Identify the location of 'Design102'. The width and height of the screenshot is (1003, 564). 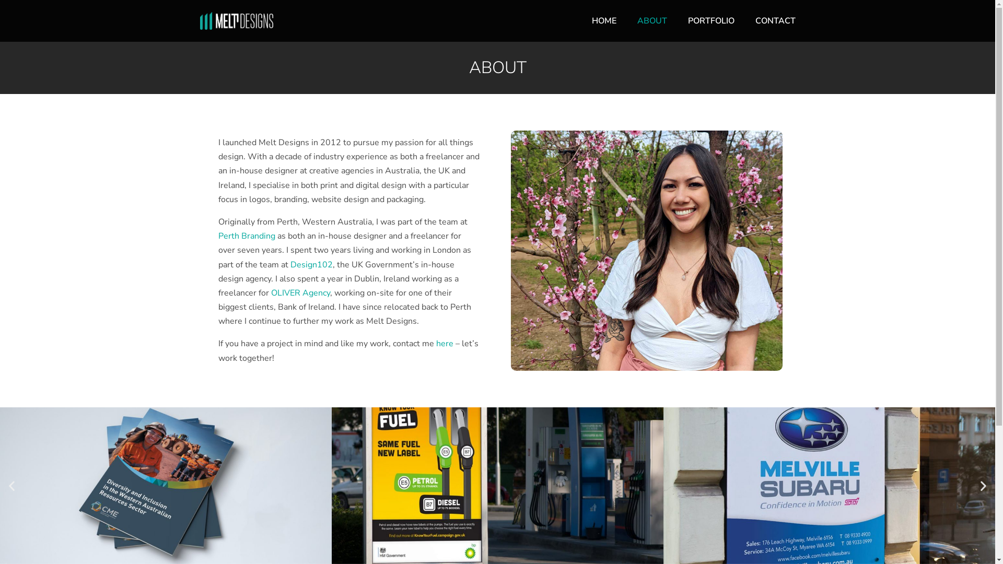
(311, 264).